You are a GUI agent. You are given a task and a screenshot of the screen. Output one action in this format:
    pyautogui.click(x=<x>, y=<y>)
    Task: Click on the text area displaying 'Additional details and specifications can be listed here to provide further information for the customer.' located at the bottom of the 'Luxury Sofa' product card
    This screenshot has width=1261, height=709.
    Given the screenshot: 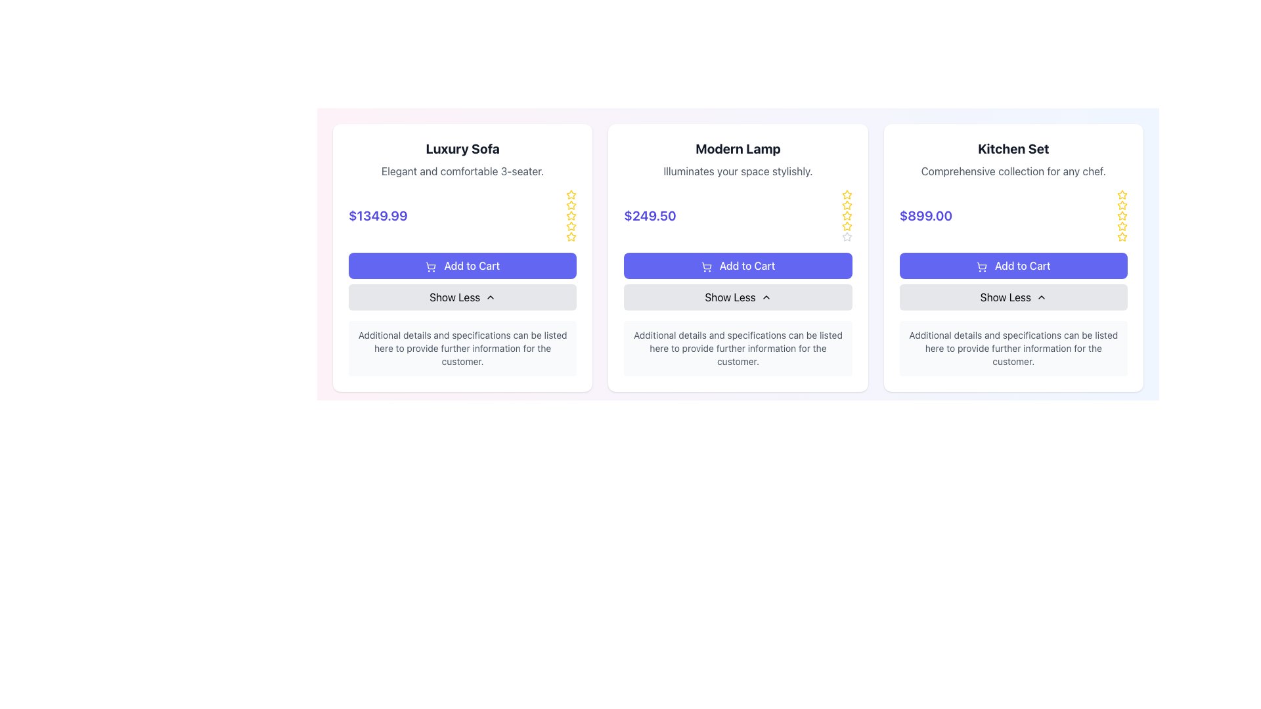 What is the action you would take?
    pyautogui.click(x=462, y=348)
    